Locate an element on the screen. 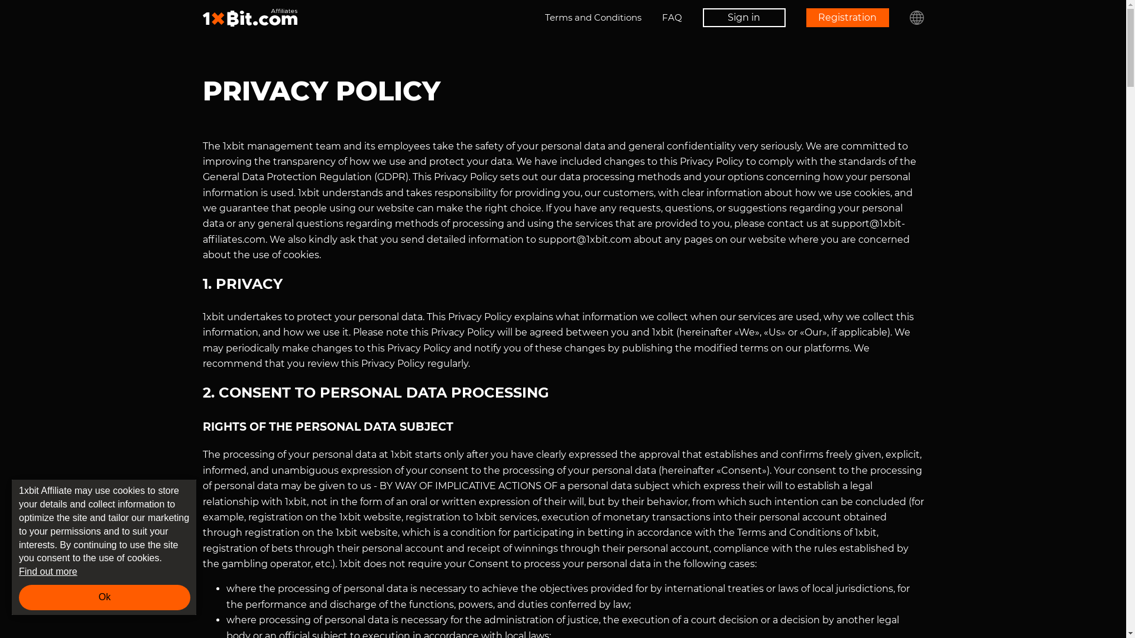 Image resolution: width=1135 pixels, height=638 pixels. 'Registration' is located at coordinates (847, 18).